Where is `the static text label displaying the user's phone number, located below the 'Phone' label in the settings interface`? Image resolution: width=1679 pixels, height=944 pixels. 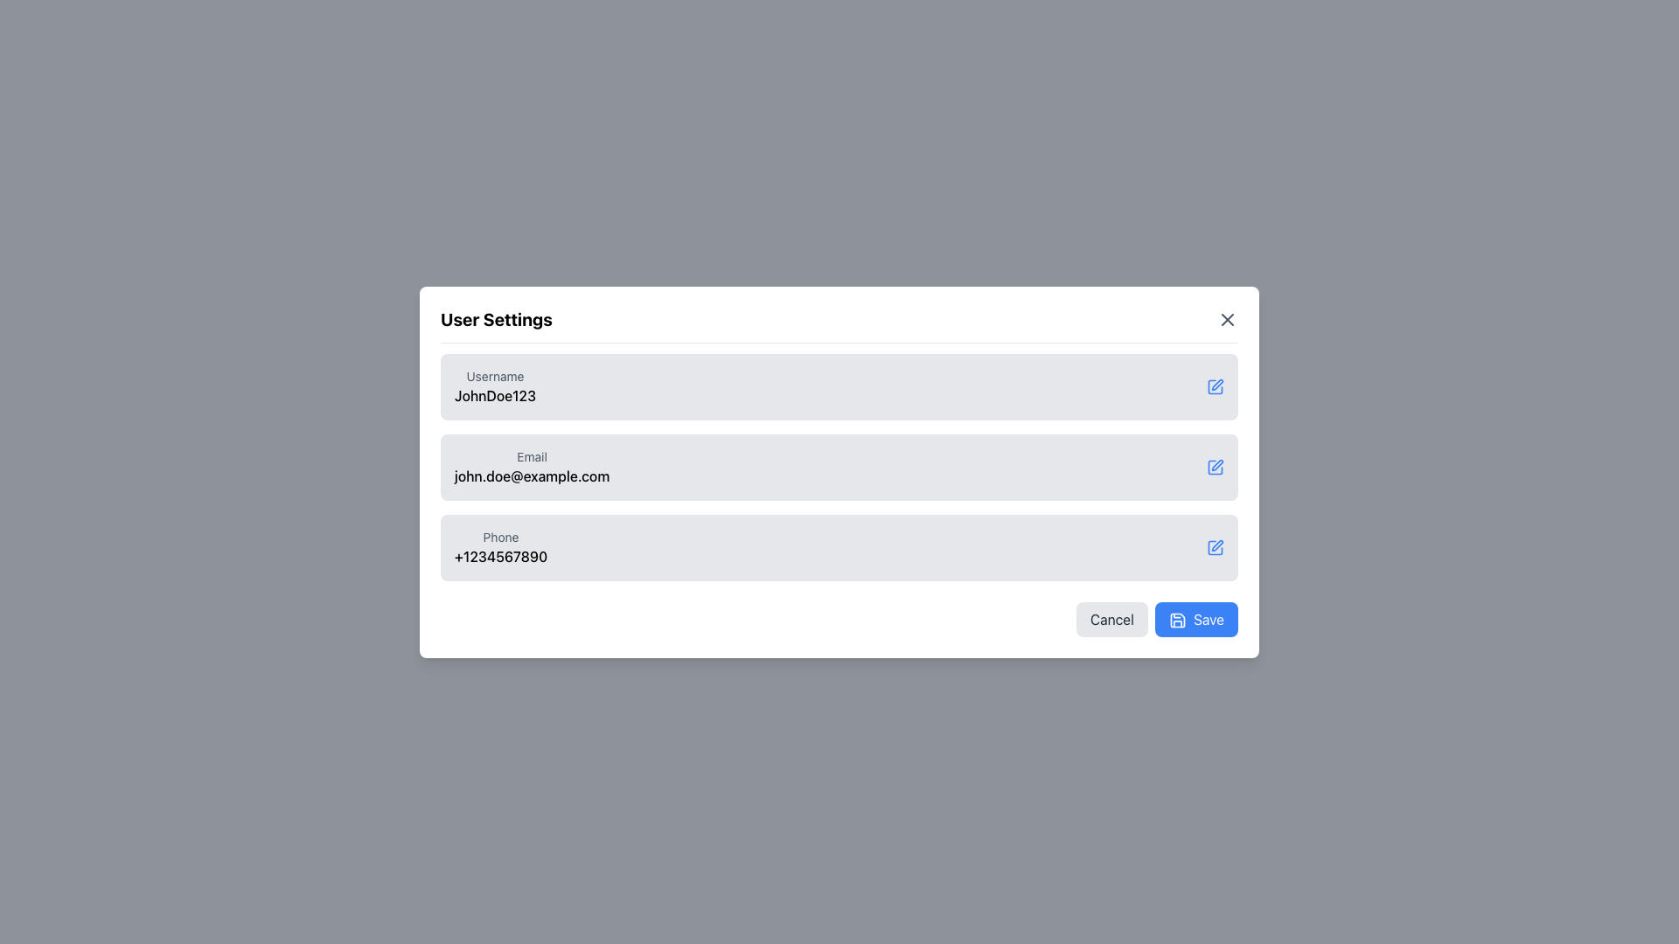 the static text label displaying the user's phone number, located below the 'Phone' label in the settings interface is located at coordinates (500, 556).